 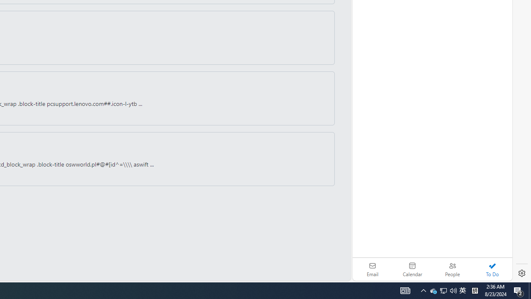 What do you see at coordinates (412, 269) in the screenshot?
I see `'Calendar. Date today is 22'` at bounding box center [412, 269].